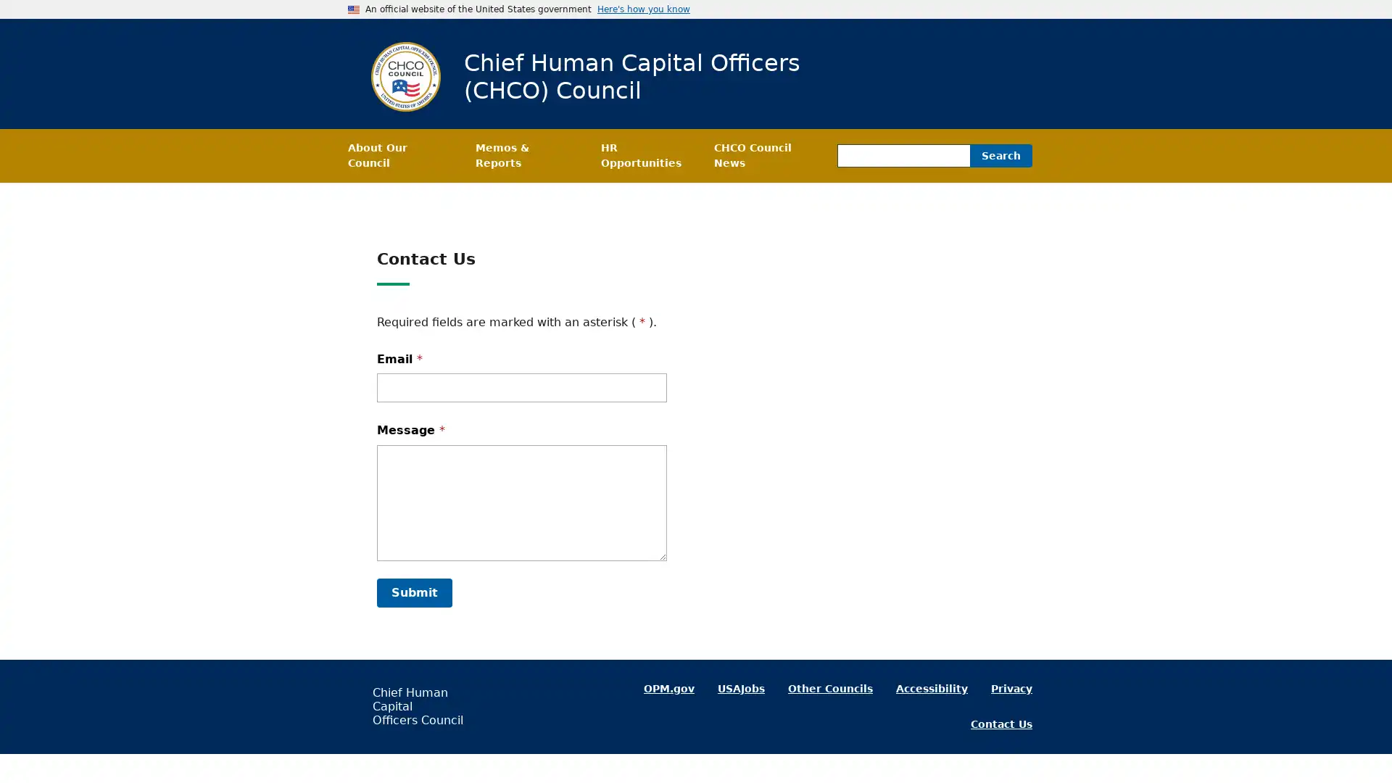  I want to click on Here's how you know, so click(643, 9).